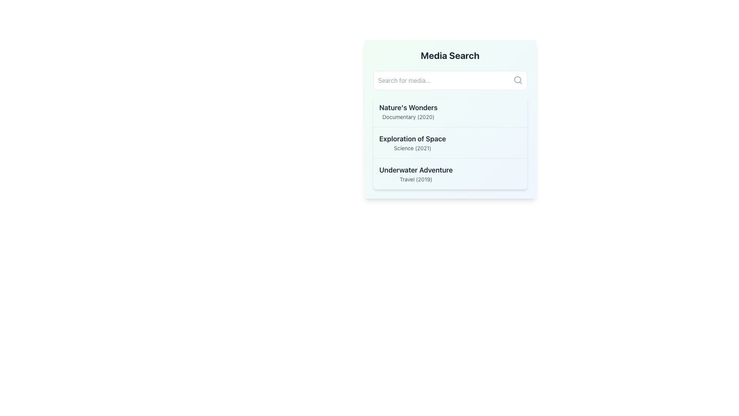 Image resolution: width=739 pixels, height=416 pixels. What do you see at coordinates (450, 143) in the screenshot?
I see `the List Item titled 'Exploration of Space'` at bounding box center [450, 143].